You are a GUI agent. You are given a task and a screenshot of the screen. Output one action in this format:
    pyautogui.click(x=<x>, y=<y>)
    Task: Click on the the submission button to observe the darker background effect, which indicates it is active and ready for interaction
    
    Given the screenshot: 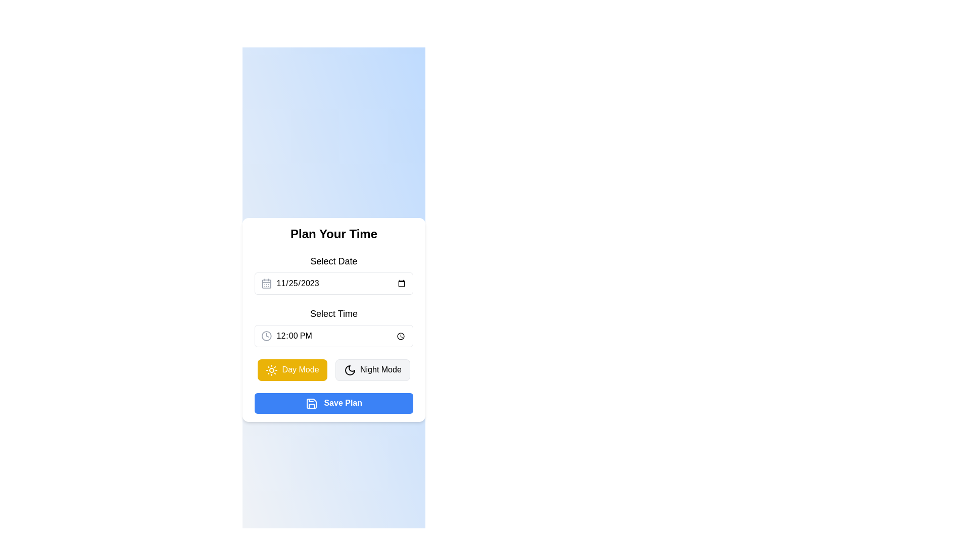 What is the action you would take?
    pyautogui.click(x=334, y=402)
    